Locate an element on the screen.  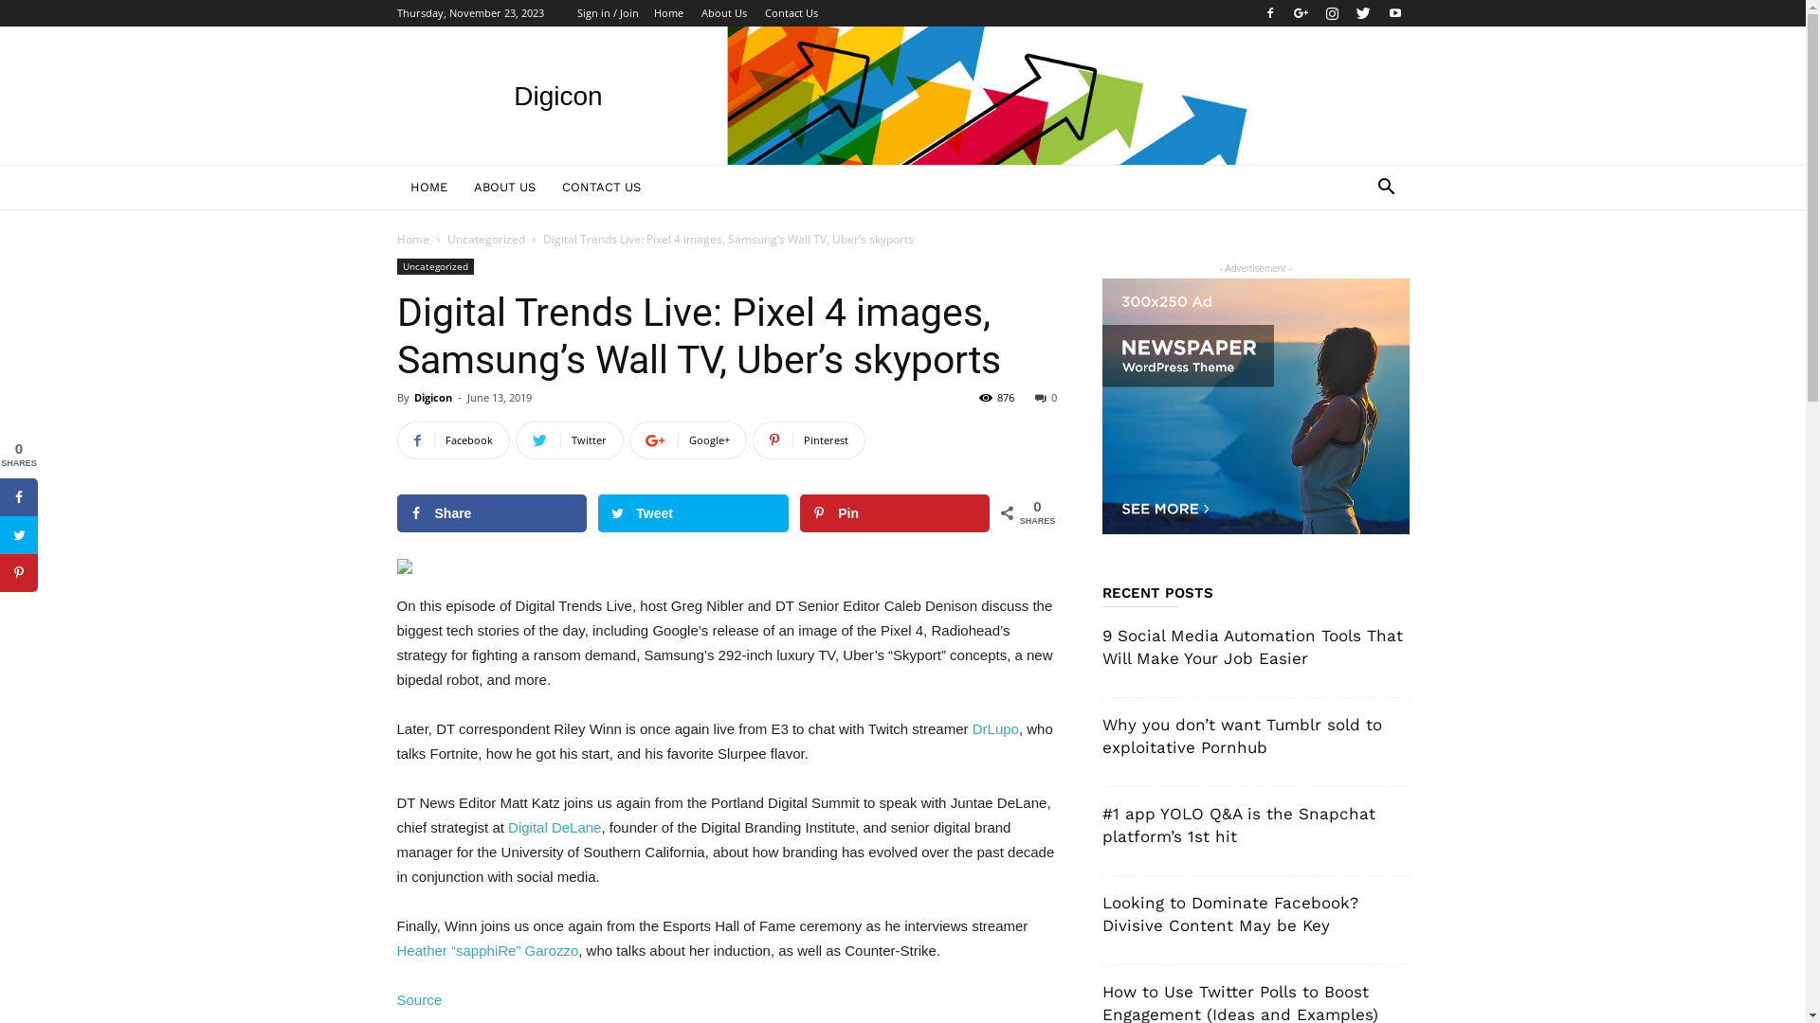
'Google+' is located at coordinates (628, 440).